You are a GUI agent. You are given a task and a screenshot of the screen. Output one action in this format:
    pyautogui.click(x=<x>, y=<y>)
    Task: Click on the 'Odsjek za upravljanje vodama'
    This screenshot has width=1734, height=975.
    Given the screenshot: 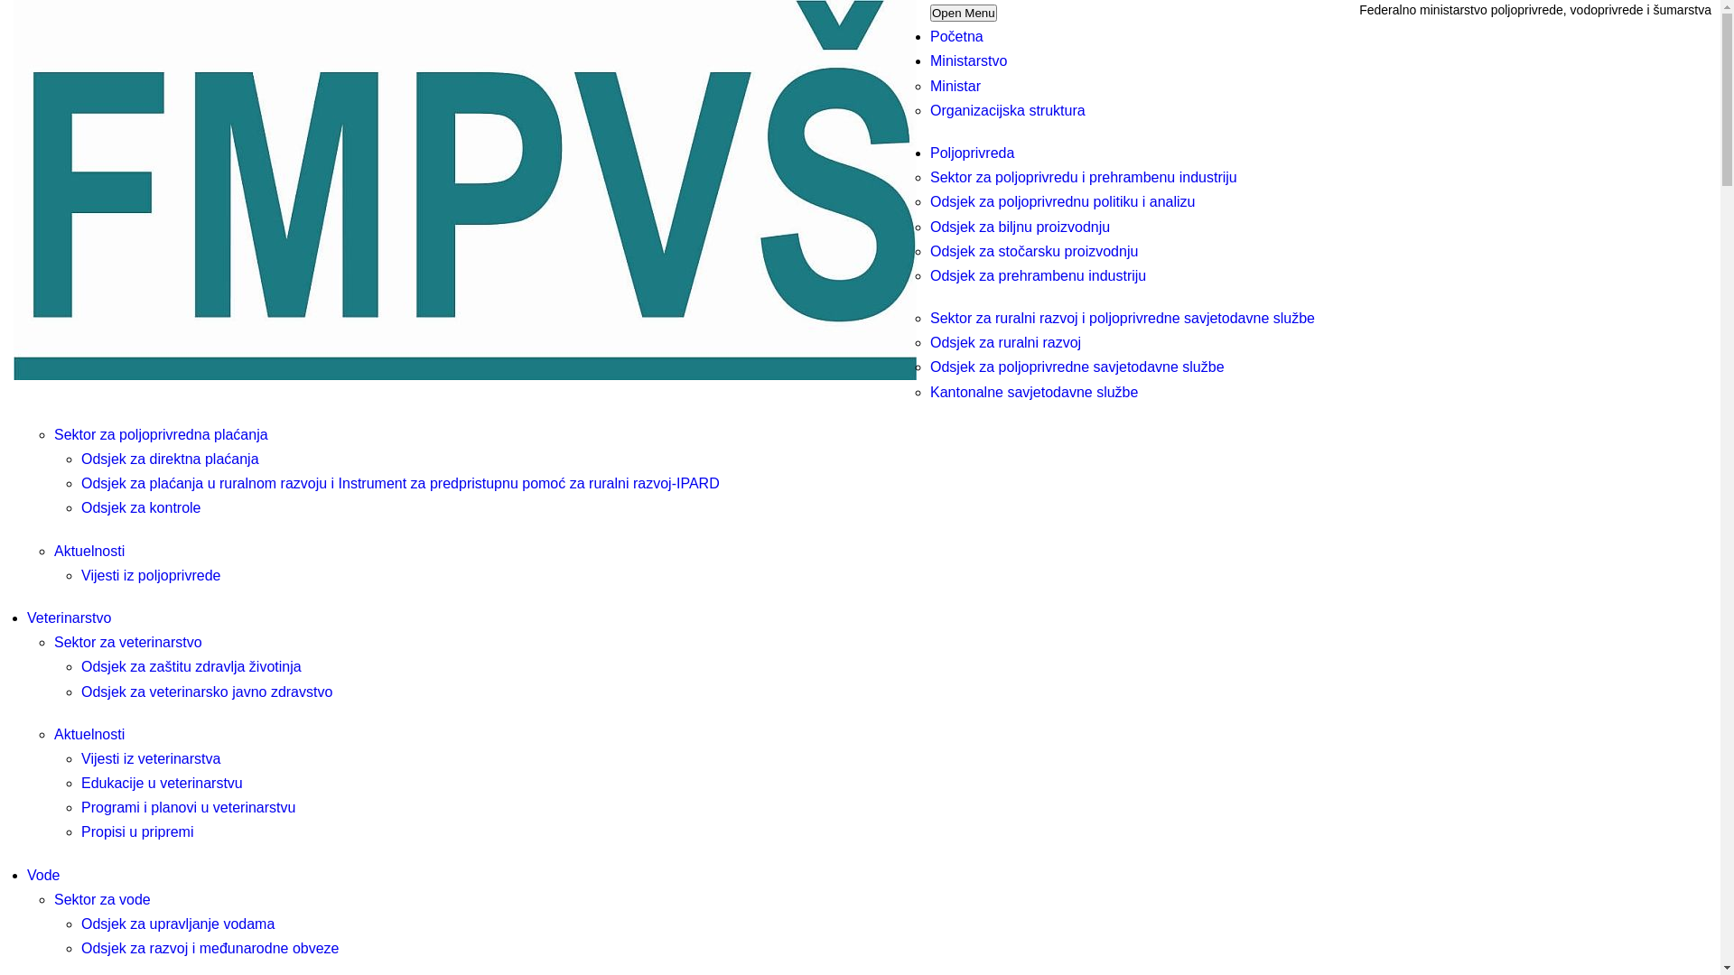 What is the action you would take?
    pyautogui.click(x=177, y=924)
    